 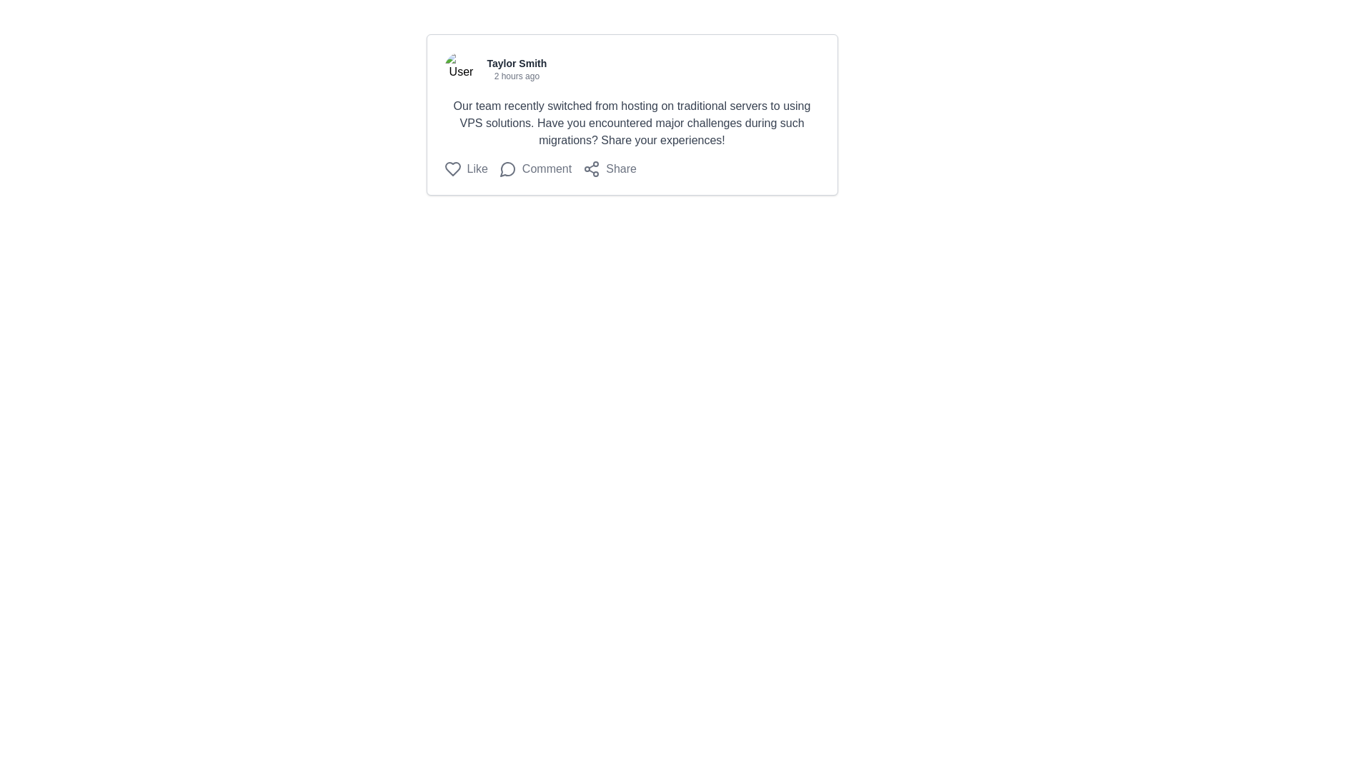 I want to click on the comment icon located to the left of the 'Comment' text in the lower portion of the card layout, so click(x=507, y=168).